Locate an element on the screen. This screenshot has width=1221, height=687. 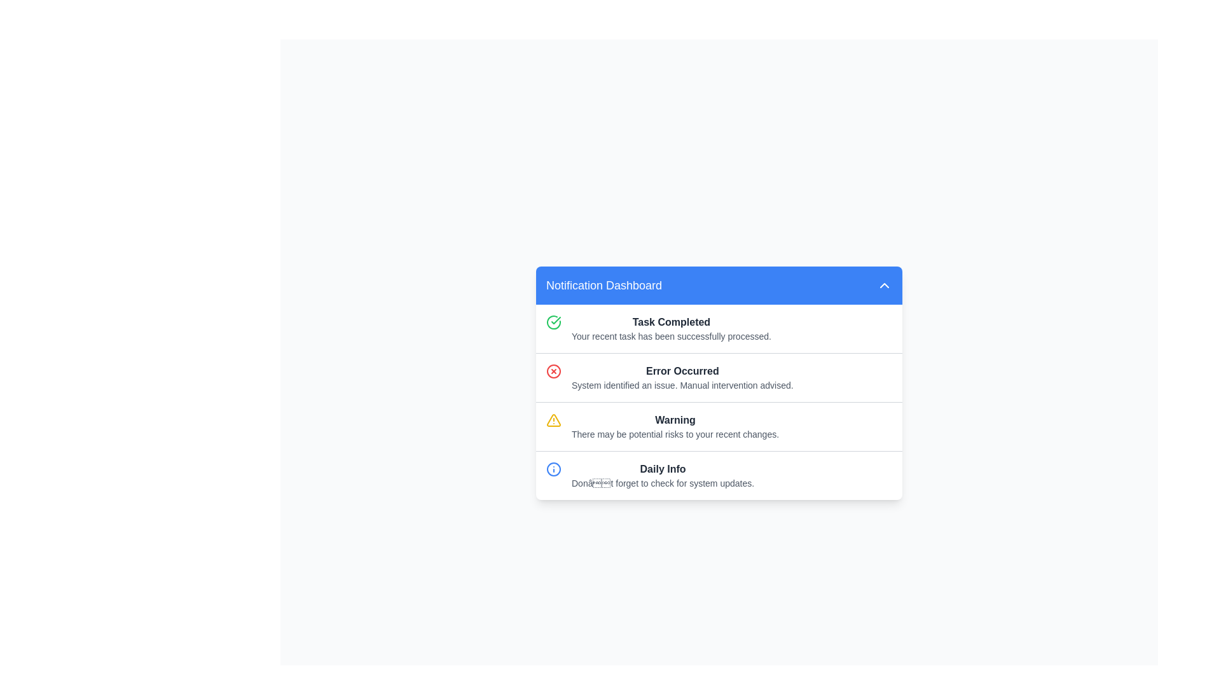
the static text label indicating successful completion of a task, which is located at the top-left of a notification card, adjacent to a checkmark icon is located at coordinates (671, 321).